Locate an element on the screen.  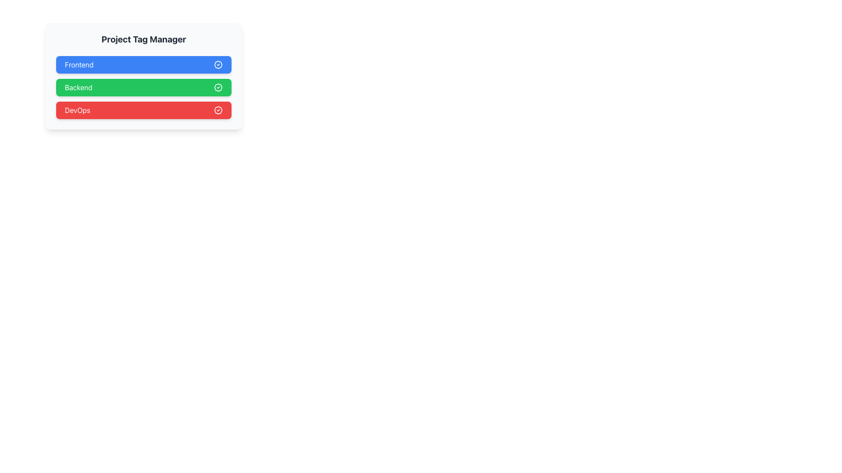
the checkmark badge icon SVG element located in the 'Frontend' section for accessibility purposes is located at coordinates (218, 64).